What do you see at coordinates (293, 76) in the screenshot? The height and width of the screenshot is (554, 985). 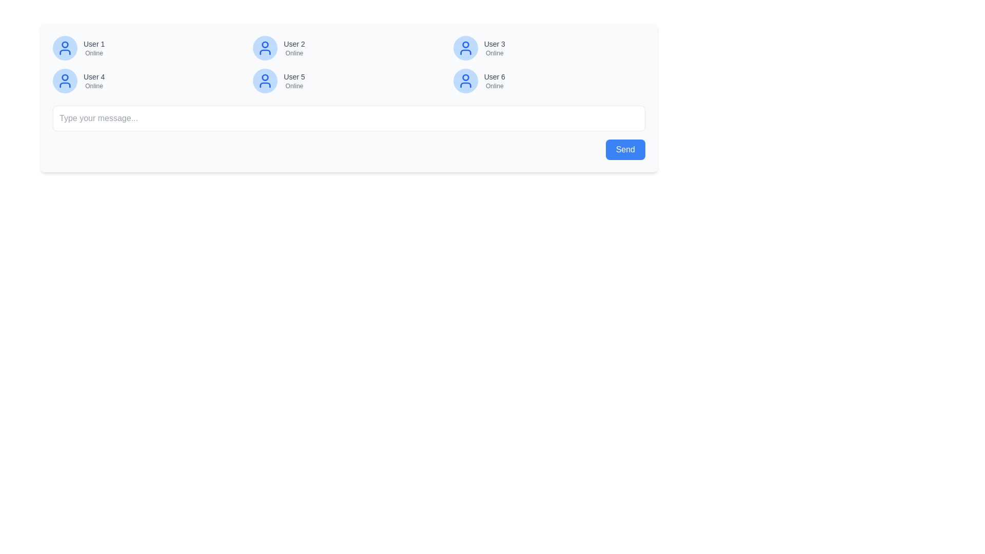 I see `the static text label displaying 'User 5', which is centered within the user card and located in the second row of the user grid, above the 'Online' label` at bounding box center [293, 76].